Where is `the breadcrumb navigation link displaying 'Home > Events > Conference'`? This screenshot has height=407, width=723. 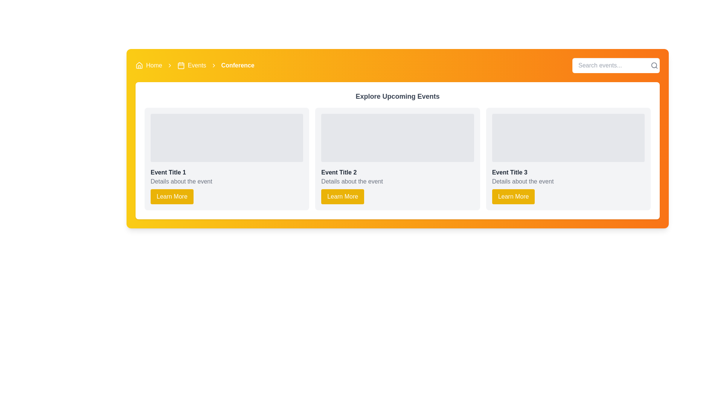 the breadcrumb navigation link displaying 'Home > Events > Conference' is located at coordinates (195, 65).